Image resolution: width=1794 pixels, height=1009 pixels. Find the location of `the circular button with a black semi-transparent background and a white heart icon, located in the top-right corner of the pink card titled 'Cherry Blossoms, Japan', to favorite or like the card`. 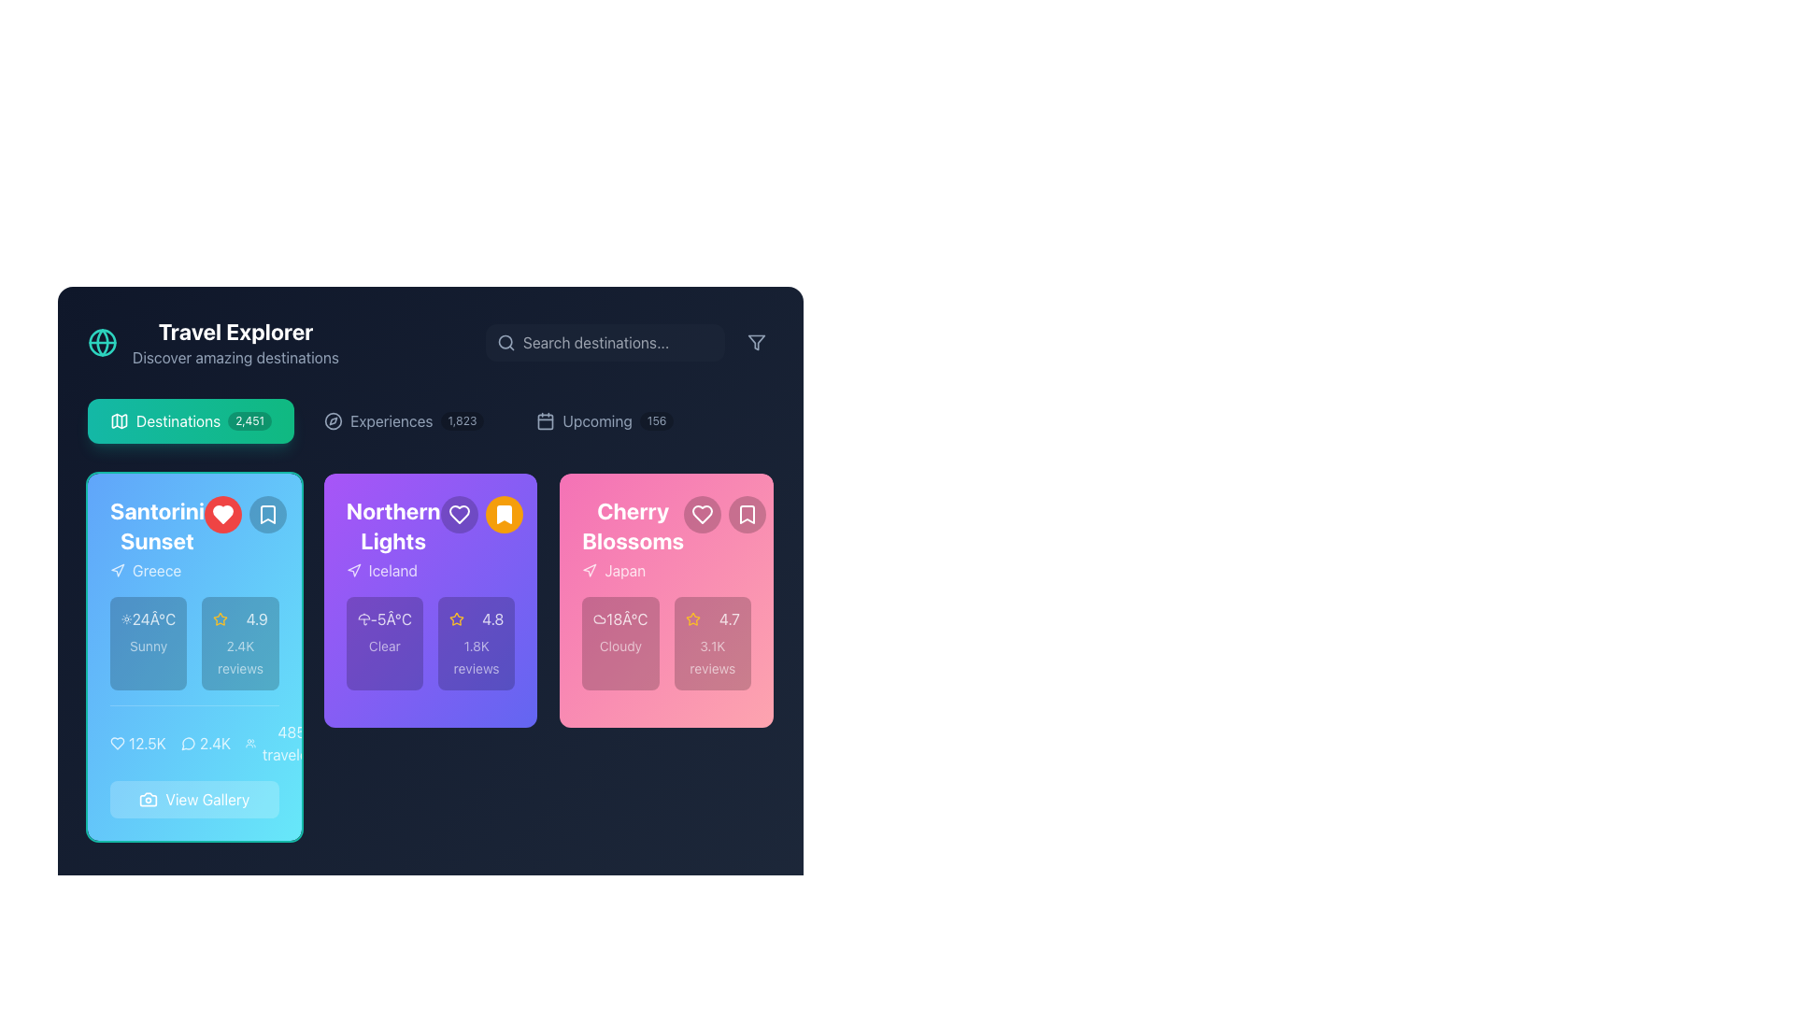

the circular button with a black semi-transparent background and a white heart icon, located in the top-right corner of the pink card titled 'Cherry Blossoms, Japan', to favorite or like the card is located at coordinates (702, 515).